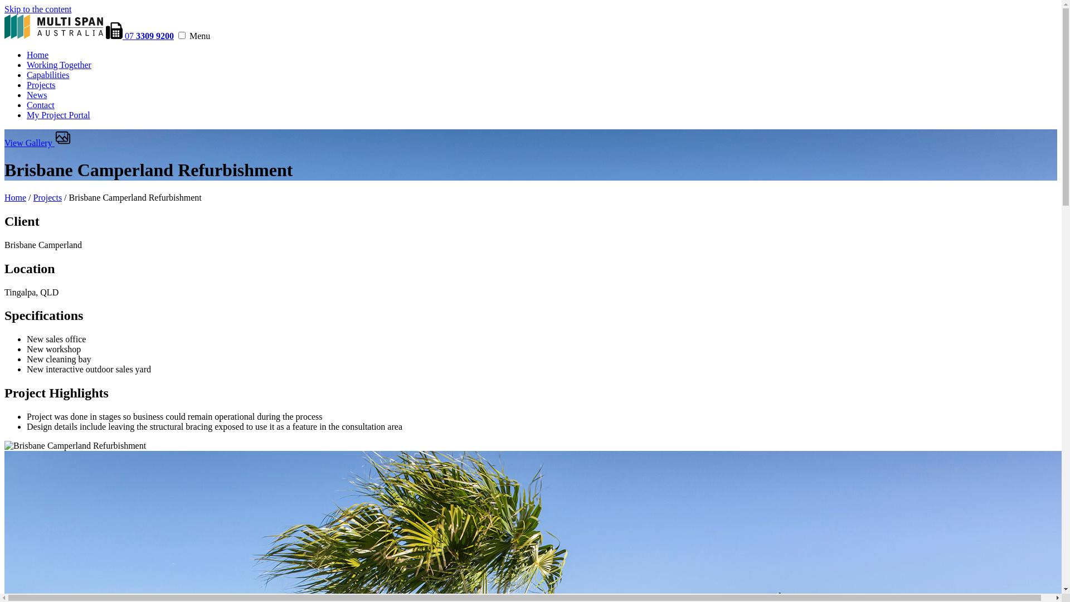 The height and width of the screenshot is (602, 1070). What do you see at coordinates (47, 197) in the screenshot?
I see `'Projects'` at bounding box center [47, 197].